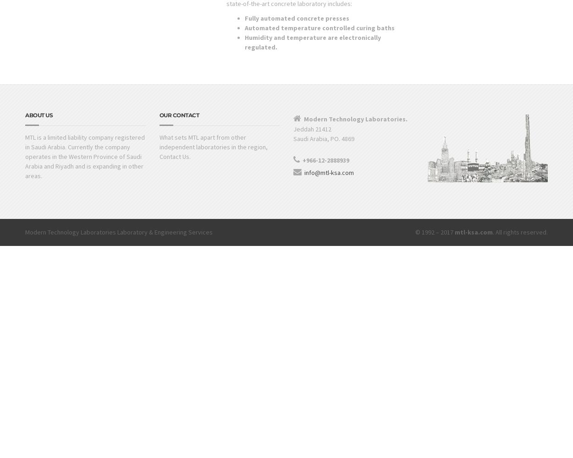 This screenshot has height=458, width=573. I want to click on 'Laboratory & Engineering Services', so click(164, 232).